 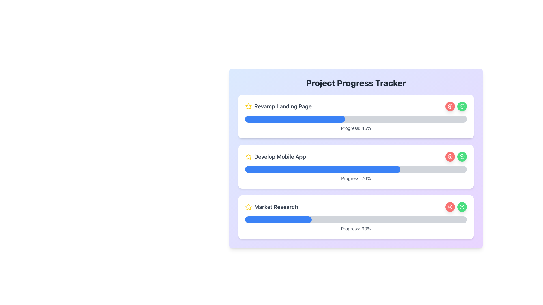 I want to click on the text label that reads 'Progress: 70%' styled in gray, located below the blue progress bar within the white card labeled 'Develop Mobile App', so click(x=355, y=178).